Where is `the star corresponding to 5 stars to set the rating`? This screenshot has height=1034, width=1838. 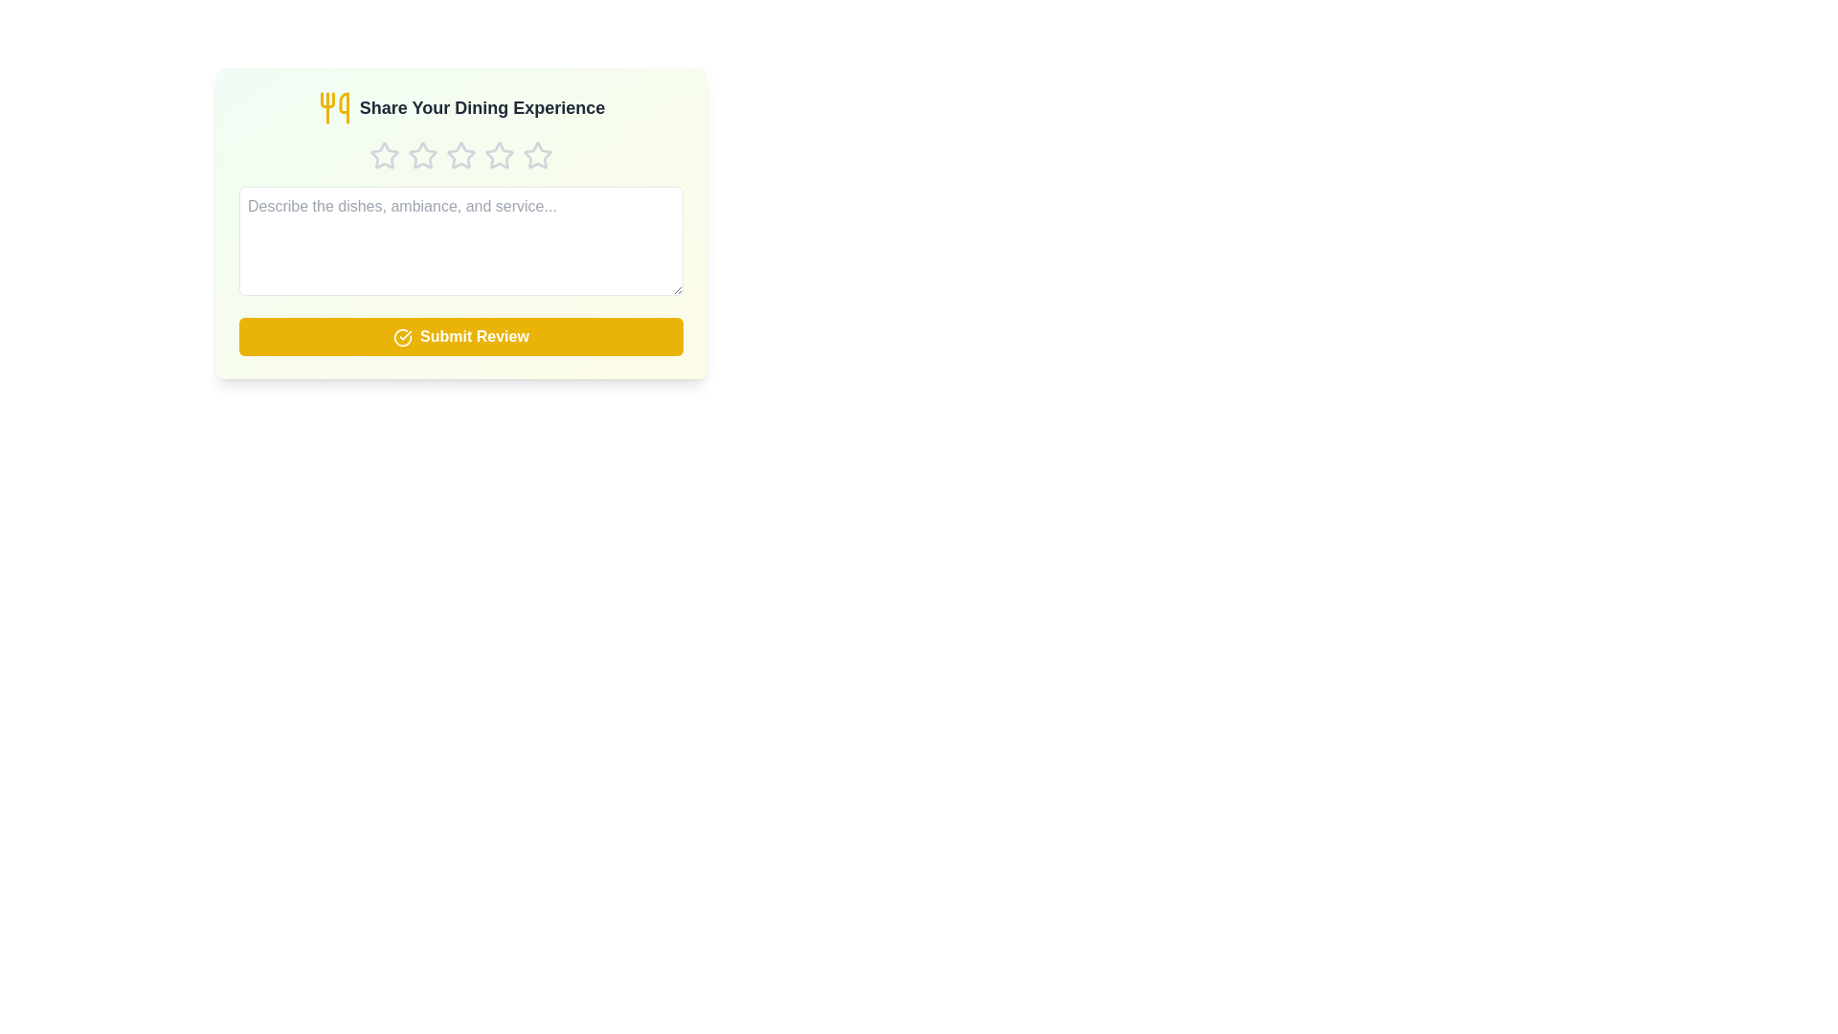 the star corresponding to 5 stars to set the rating is located at coordinates (536, 154).